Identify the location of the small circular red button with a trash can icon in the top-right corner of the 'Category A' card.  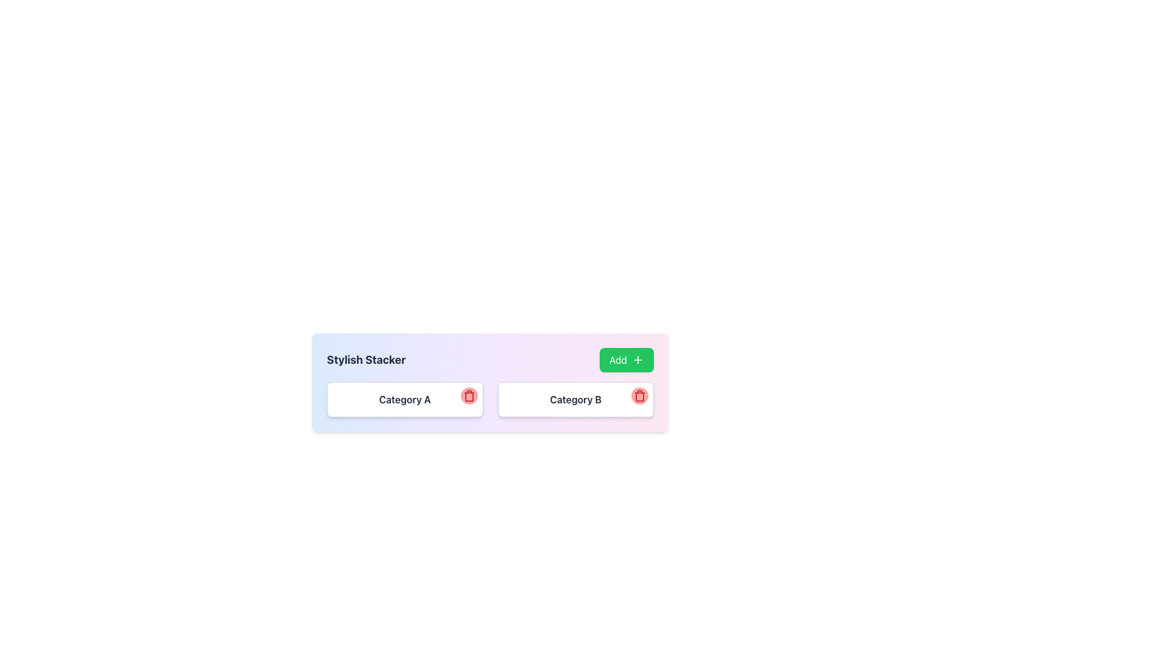
(468, 396).